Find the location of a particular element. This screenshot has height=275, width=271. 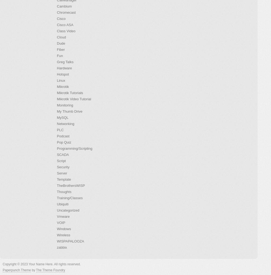

'Cambium' is located at coordinates (56, 6).